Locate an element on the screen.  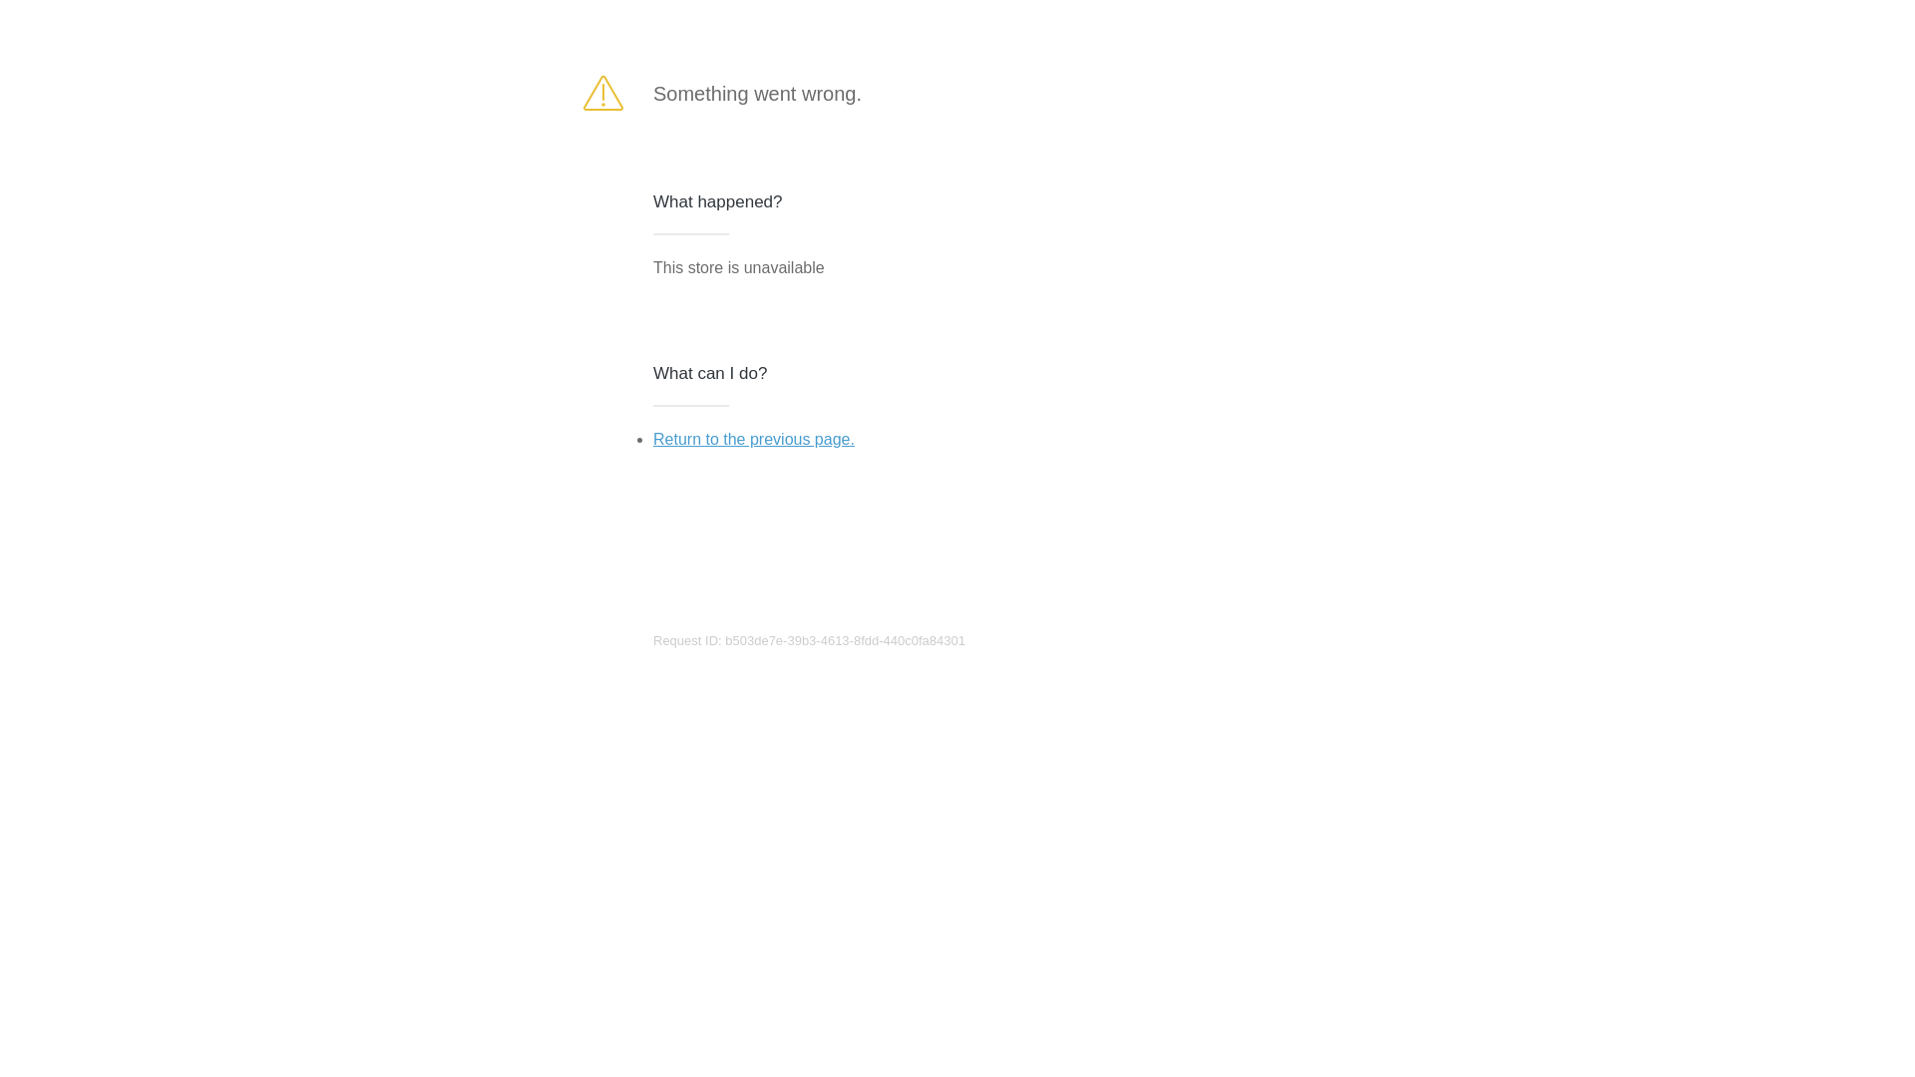
'Return to the previous page.' is located at coordinates (752, 438).